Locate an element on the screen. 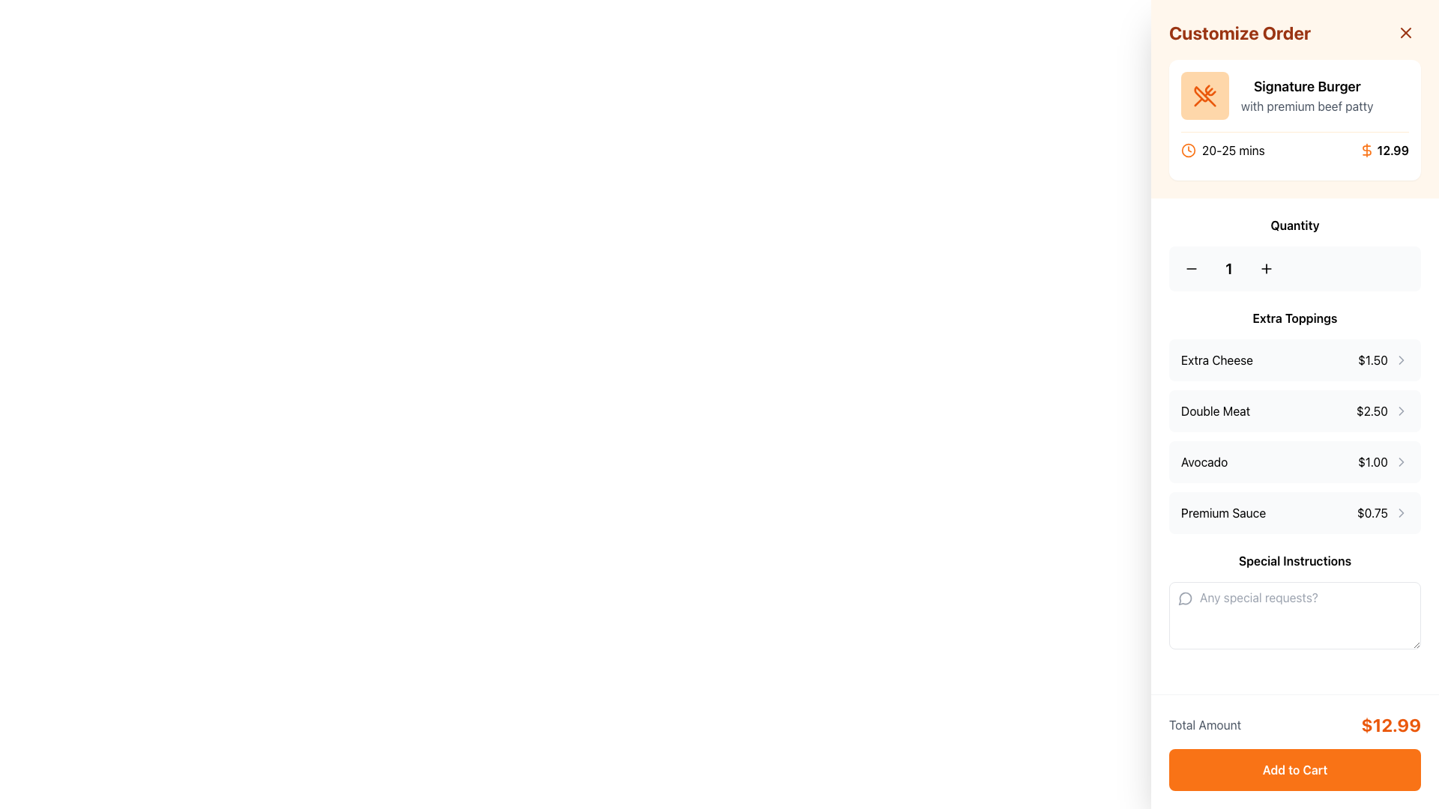 The image size is (1439, 809). the dollar sign icon representing the price in dollars, located at the top of the 'Customize Order' panel, right before the price text '12.99' is located at coordinates (1366, 150).